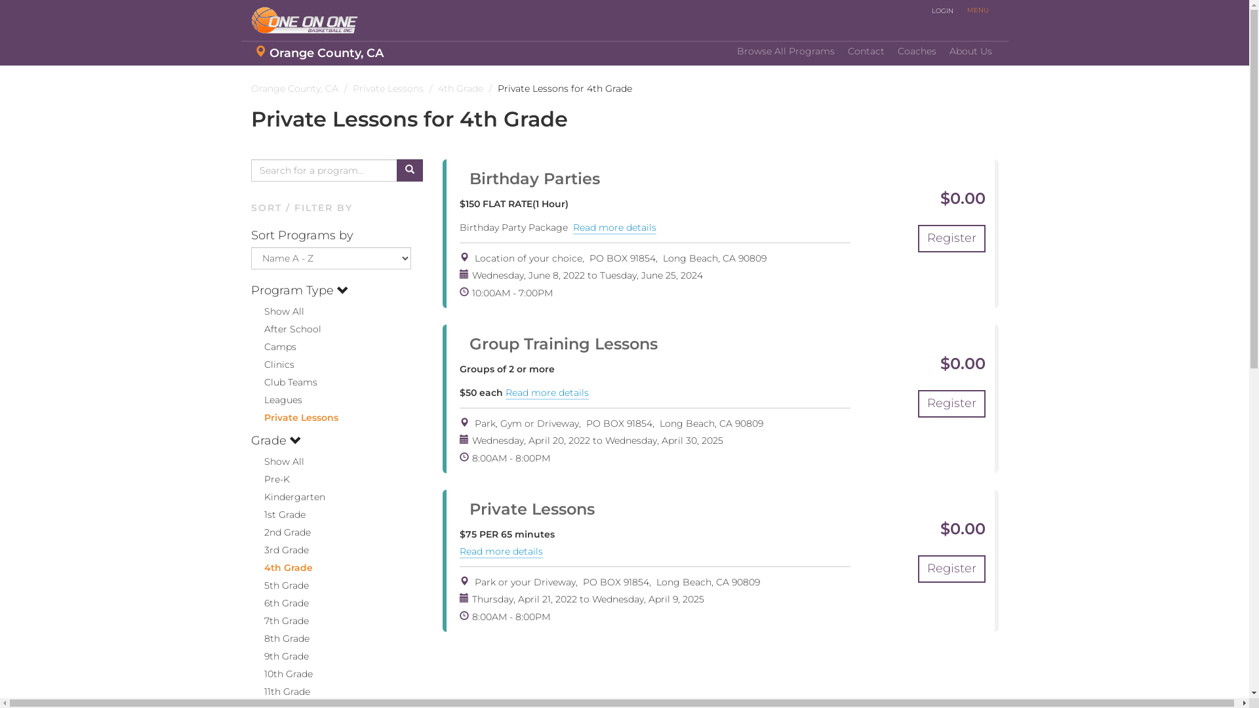 This screenshot has height=708, width=1259. Describe the element at coordinates (915, 50) in the screenshot. I see `'Coaches'` at that location.